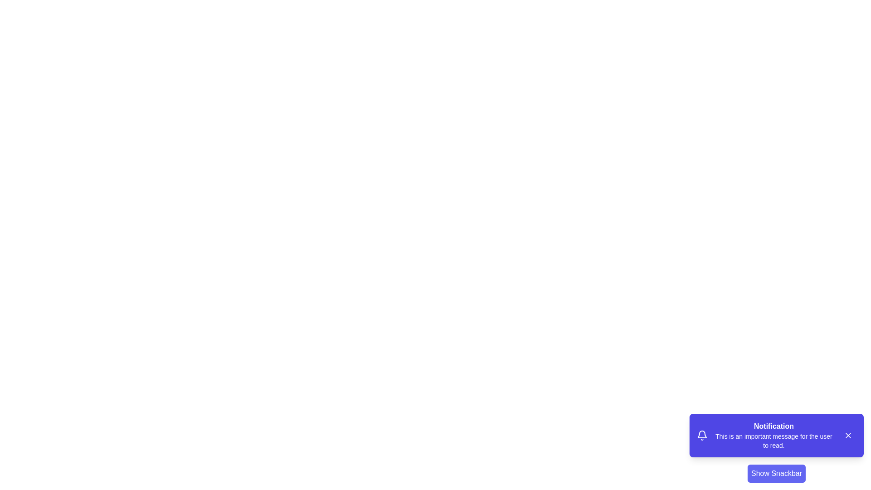 The height and width of the screenshot is (490, 871). What do you see at coordinates (848, 435) in the screenshot?
I see `the small closing button located at the top-right corner of the blue notification banner to trigger the highlight effect` at bounding box center [848, 435].